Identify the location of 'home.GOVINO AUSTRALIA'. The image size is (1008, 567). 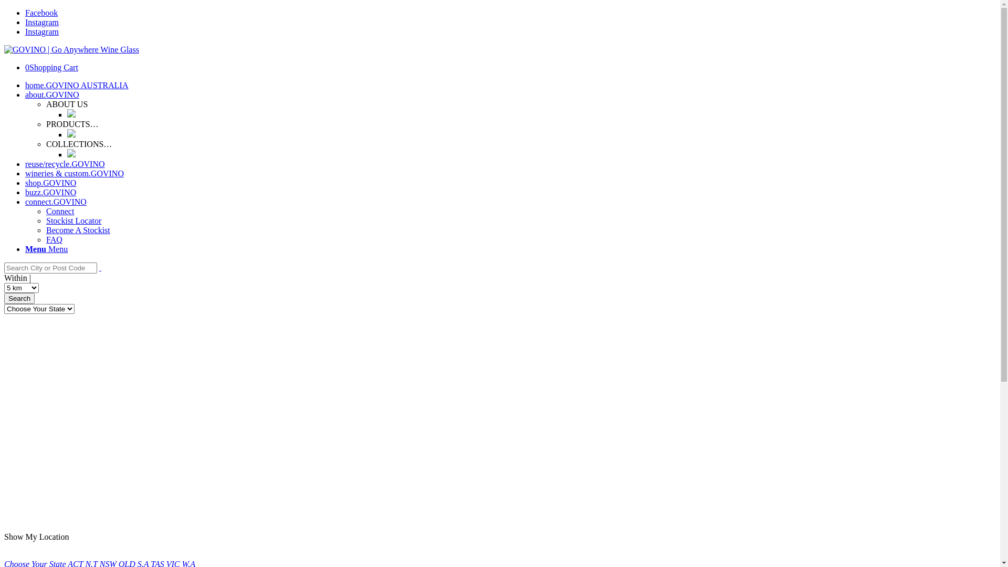
(25, 85).